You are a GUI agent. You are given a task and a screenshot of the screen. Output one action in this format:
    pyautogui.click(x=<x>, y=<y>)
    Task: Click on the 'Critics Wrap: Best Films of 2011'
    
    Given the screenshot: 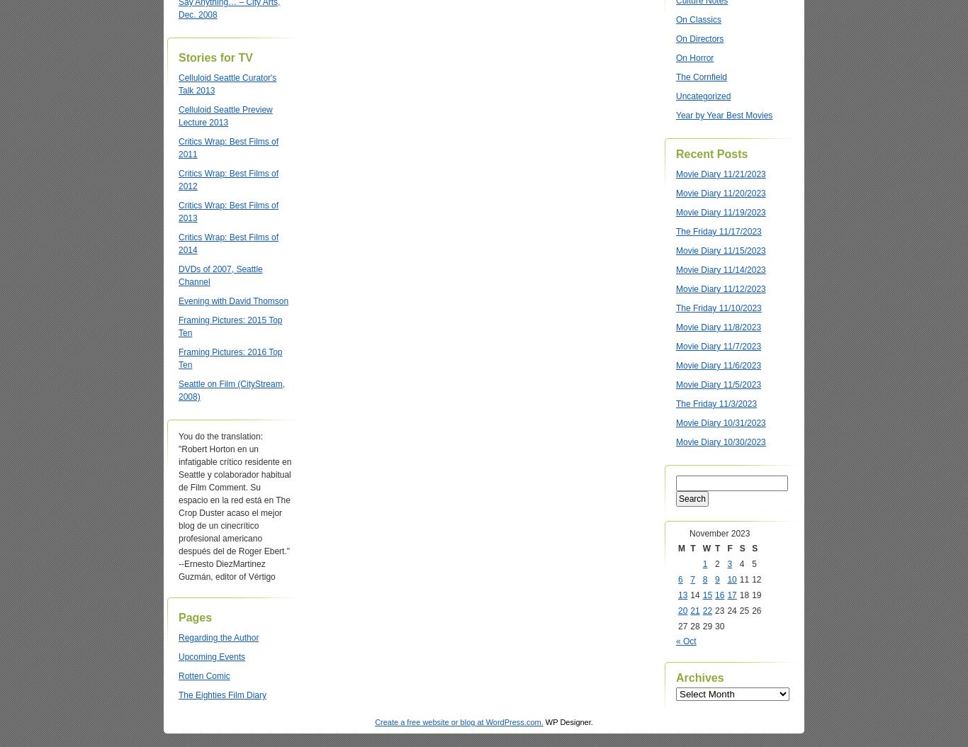 What is the action you would take?
    pyautogui.click(x=179, y=147)
    